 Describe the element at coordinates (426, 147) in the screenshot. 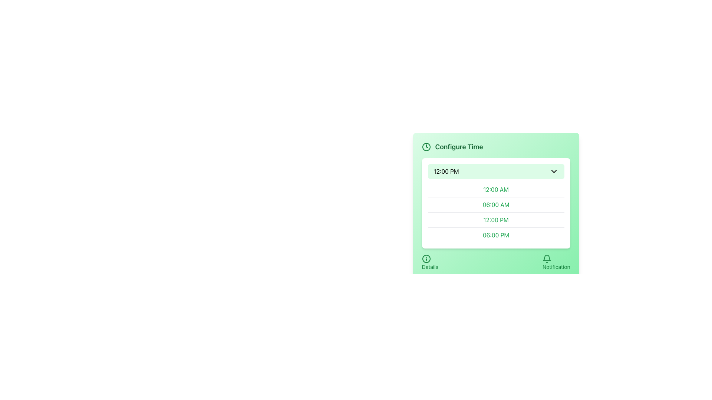

I see `the green circle SVG graphical element that is part of the clock icon in the top-left area of the time configuration options panel` at that location.